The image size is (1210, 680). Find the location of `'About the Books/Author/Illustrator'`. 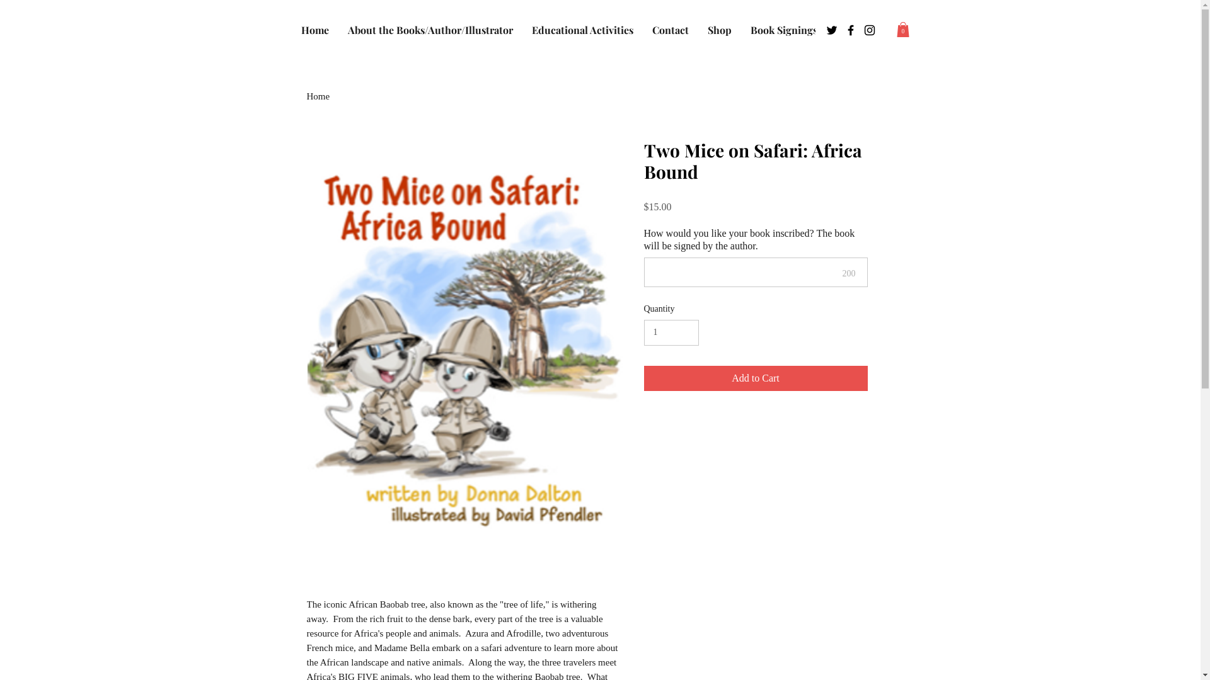

'About the Books/Author/Illustrator' is located at coordinates (429, 30).